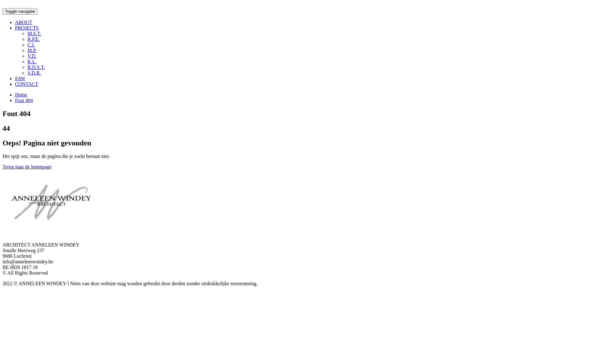 This screenshot has height=337, width=599. Describe the element at coordinates (27, 39) in the screenshot. I see `'R.P.E.'` at that location.